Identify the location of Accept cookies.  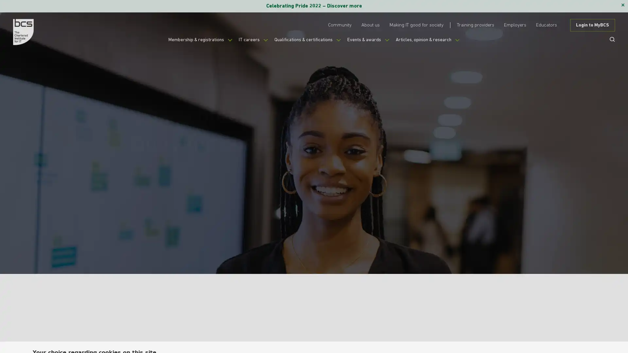
(493, 335).